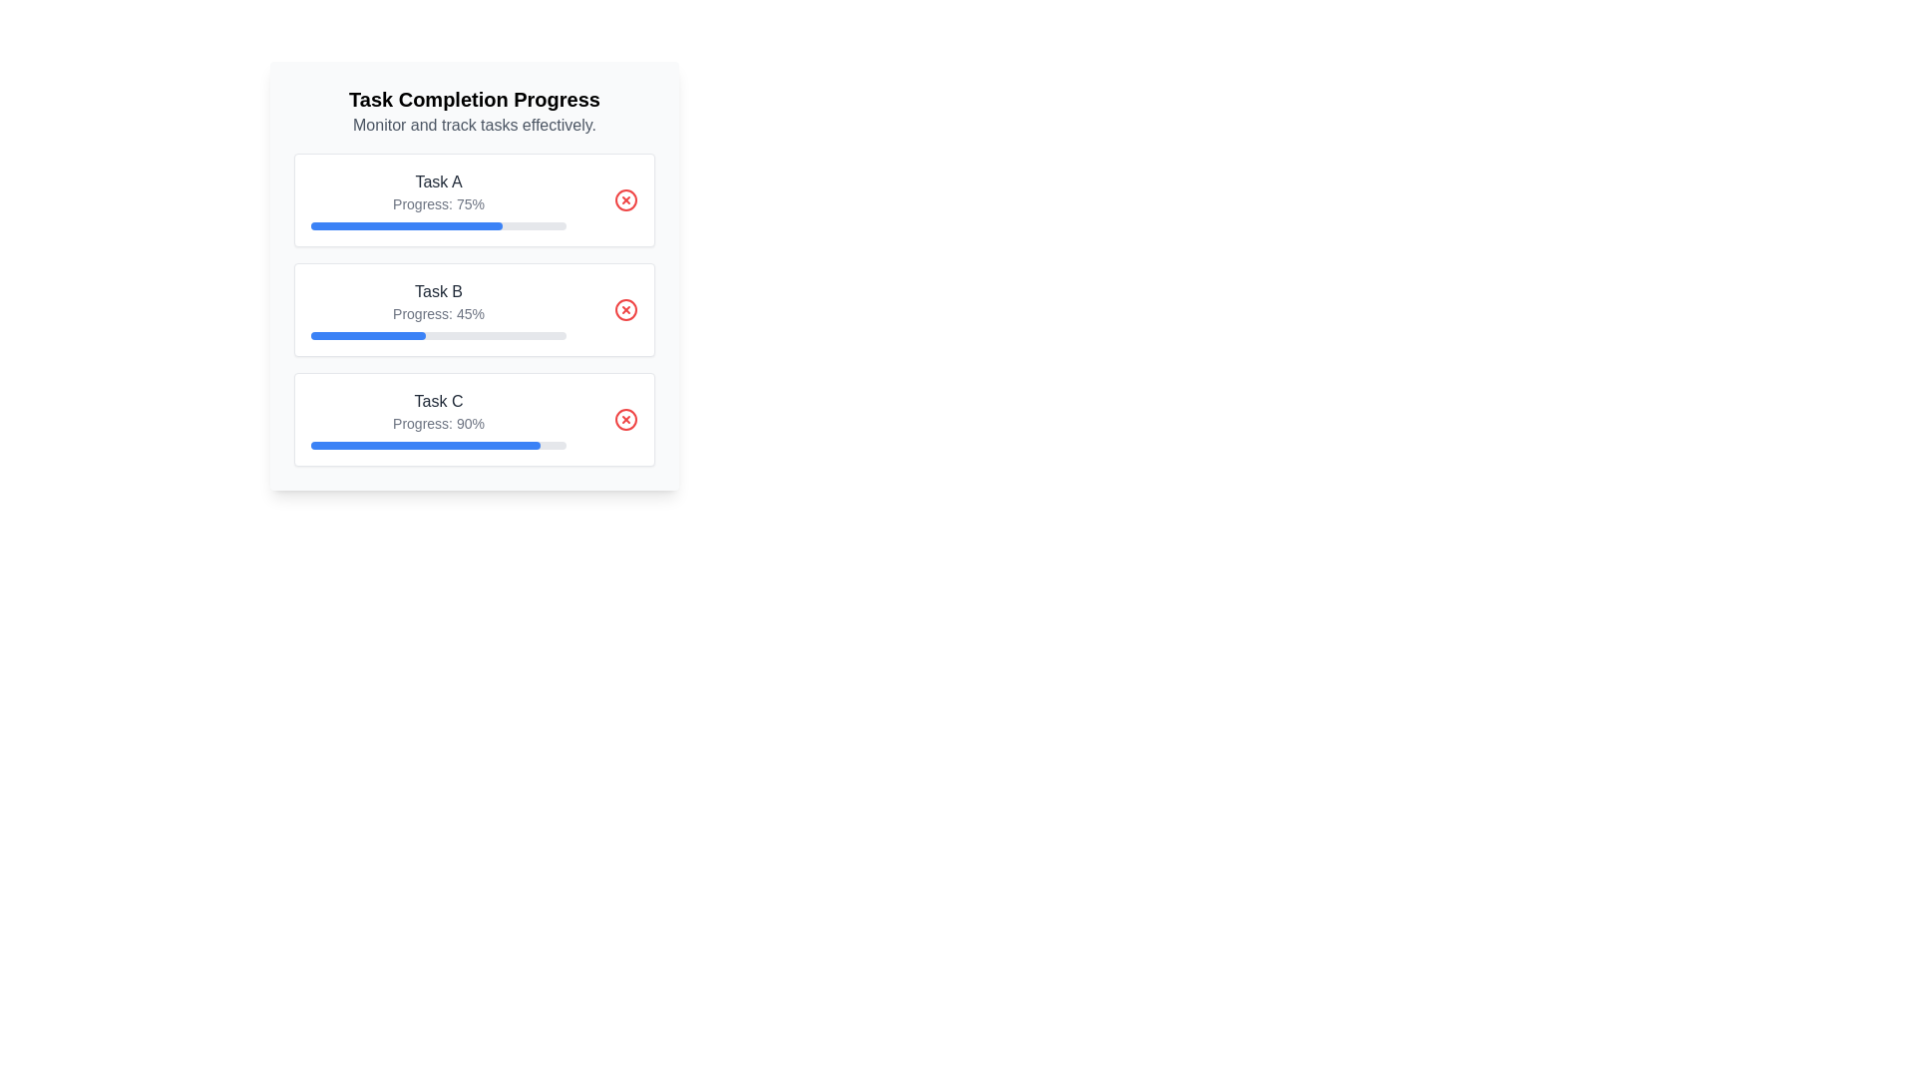 This screenshot has width=1915, height=1077. Describe the element at coordinates (368, 334) in the screenshot. I see `the blue progress bar with rounded edges that represents task progress in the second task component block (Task B)` at that location.